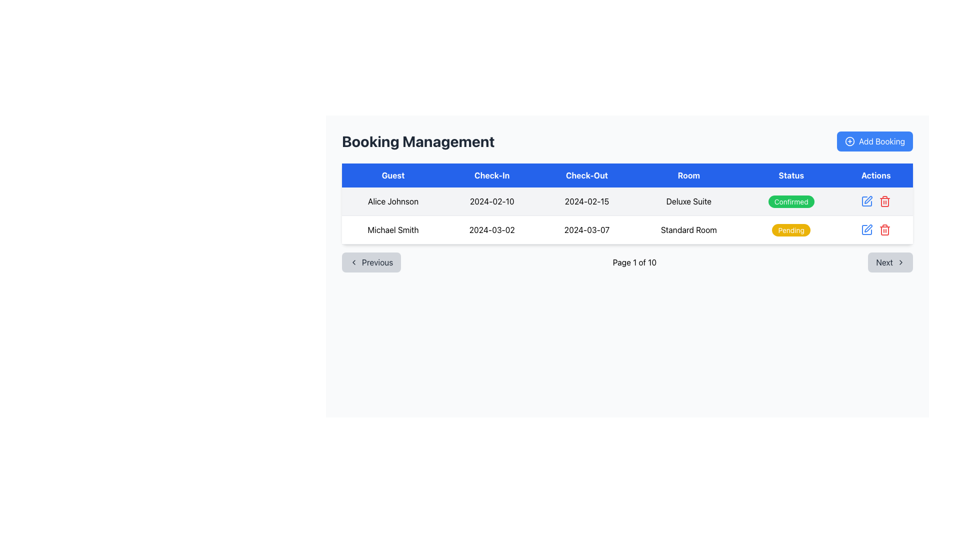 The width and height of the screenshot is (960, 540). I want to click on the bold white text 'Guest' which is centered within a blue box at the header of the first column in the data table, so click(392, 175).